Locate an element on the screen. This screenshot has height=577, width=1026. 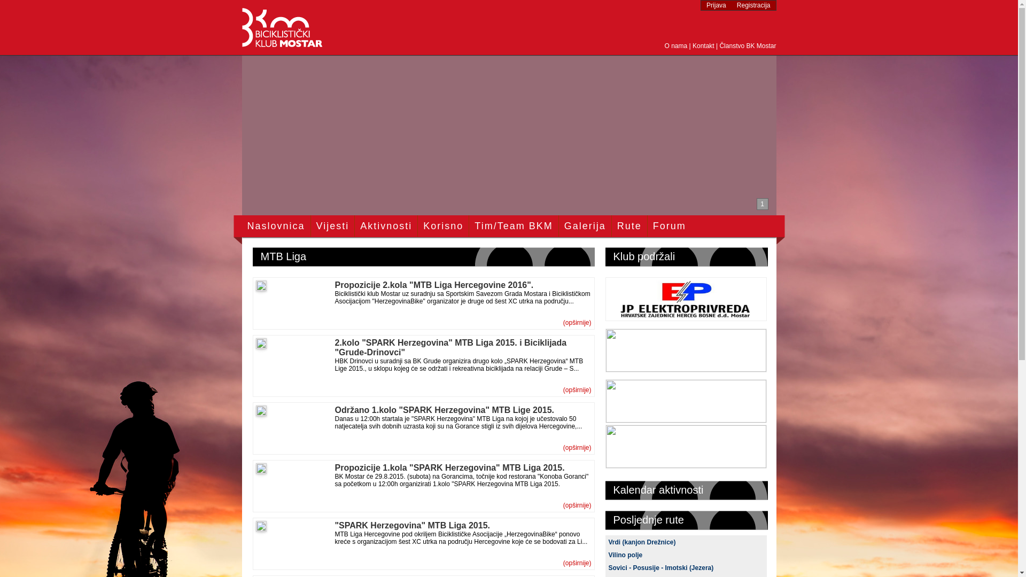
'HT Eronet' is located at coordinates (685, 368).